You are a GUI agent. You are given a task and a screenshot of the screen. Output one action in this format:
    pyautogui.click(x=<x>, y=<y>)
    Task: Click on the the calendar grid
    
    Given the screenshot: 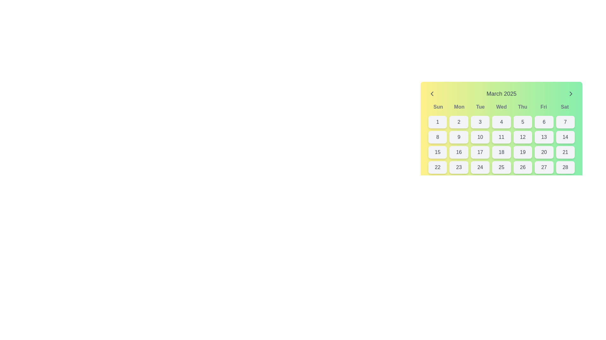 What is the action you would take?
    pyautogui.click(x=501, y=152)
    